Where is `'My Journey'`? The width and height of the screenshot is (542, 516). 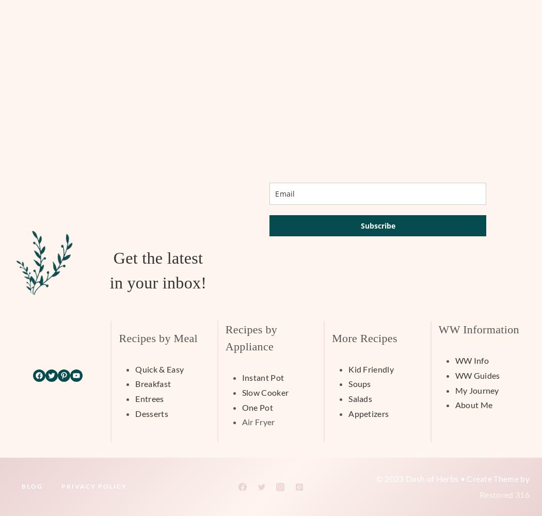
'My Journey' is located at coordinates (454, 390).